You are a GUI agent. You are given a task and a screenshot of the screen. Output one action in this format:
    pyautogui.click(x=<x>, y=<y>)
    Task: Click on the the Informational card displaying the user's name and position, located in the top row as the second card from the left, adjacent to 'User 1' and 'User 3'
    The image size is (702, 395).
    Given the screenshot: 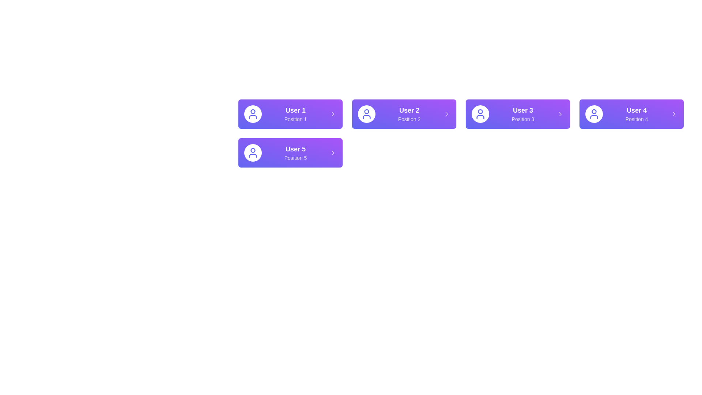 What is the action you would take?
    pyautogui.click(x=409, y=114)
    